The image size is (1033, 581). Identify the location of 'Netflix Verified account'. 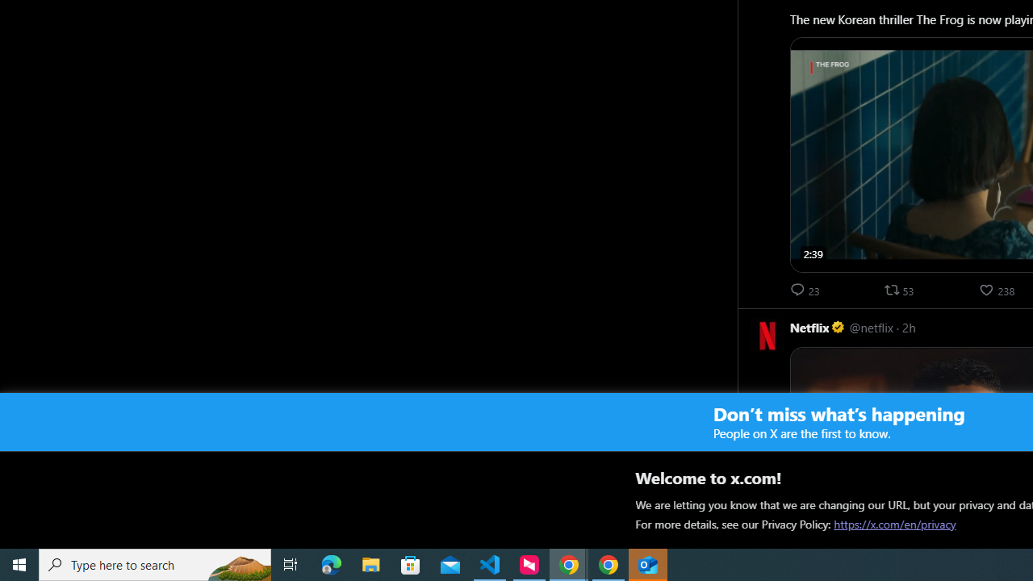
(818, 327).